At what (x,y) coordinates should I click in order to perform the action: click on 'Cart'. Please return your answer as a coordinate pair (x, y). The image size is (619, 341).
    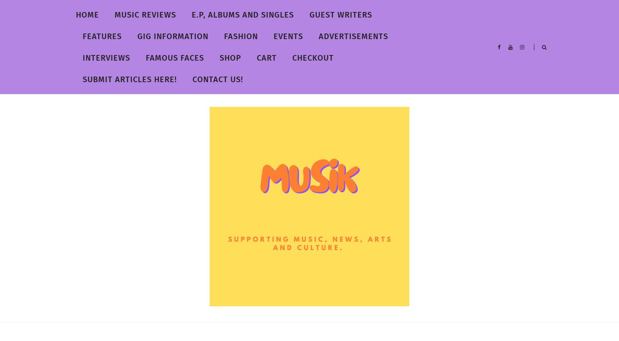
    Looking at the image, I should click on (266, 58).